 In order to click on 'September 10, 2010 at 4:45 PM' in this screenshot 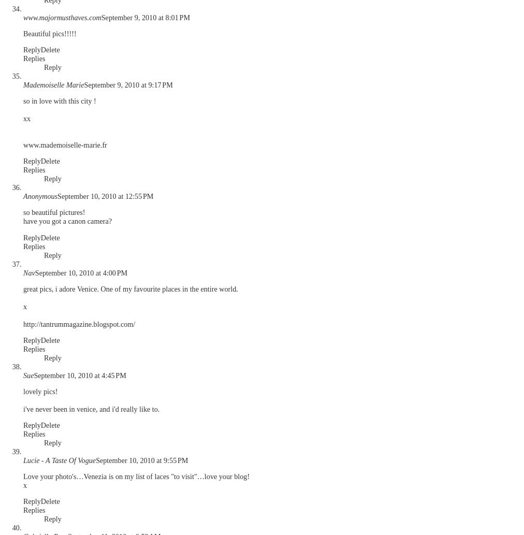, I will do `click(80, 375)`.